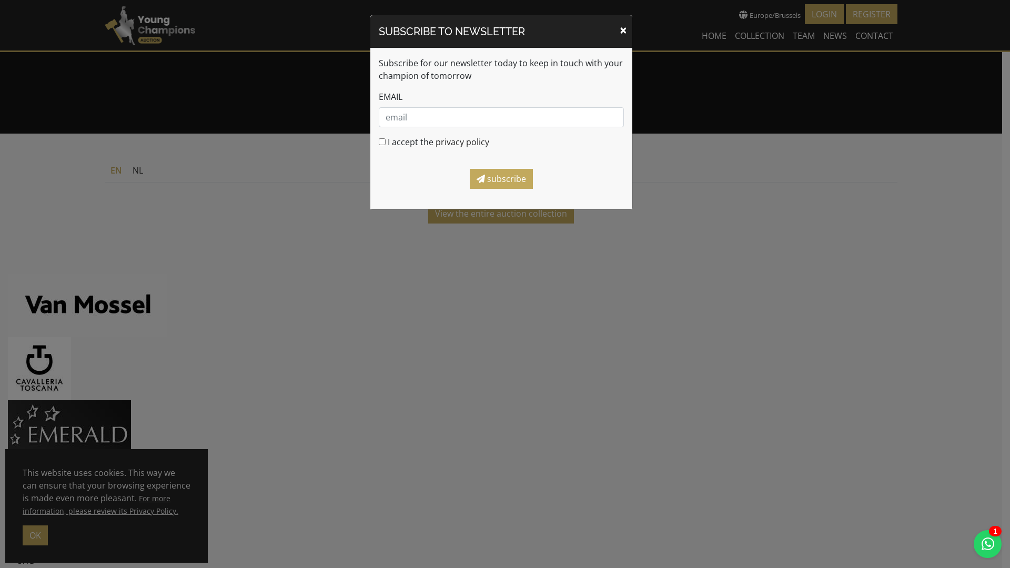 The image size is (1010, 568). I want to click on 'subscribe', so click(500, 178).